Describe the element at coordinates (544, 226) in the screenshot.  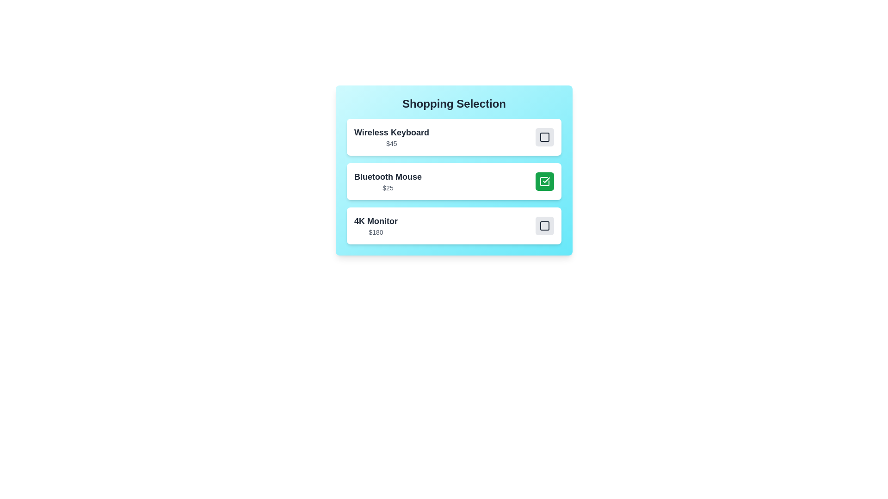
I see `the checkbox located in the bottom-right corner of the '4K Monitor' item row in the shopping list interface to observe potential visual feedback` at that location.